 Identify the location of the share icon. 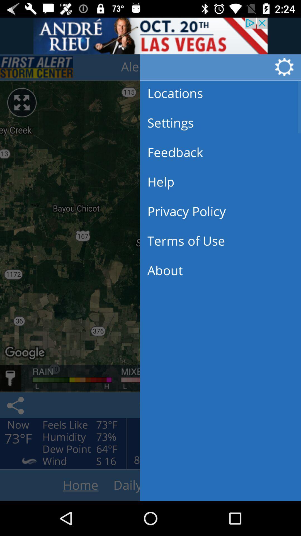
(16, 405).